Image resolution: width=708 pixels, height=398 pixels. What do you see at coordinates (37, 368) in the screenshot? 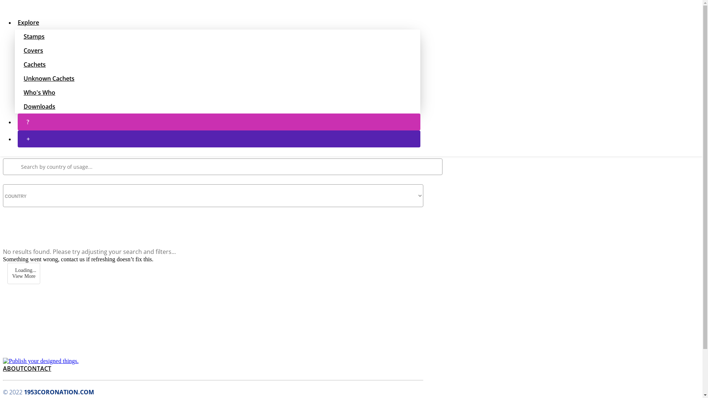
I see `'CONTACT'` at bounding box center [37, 368].